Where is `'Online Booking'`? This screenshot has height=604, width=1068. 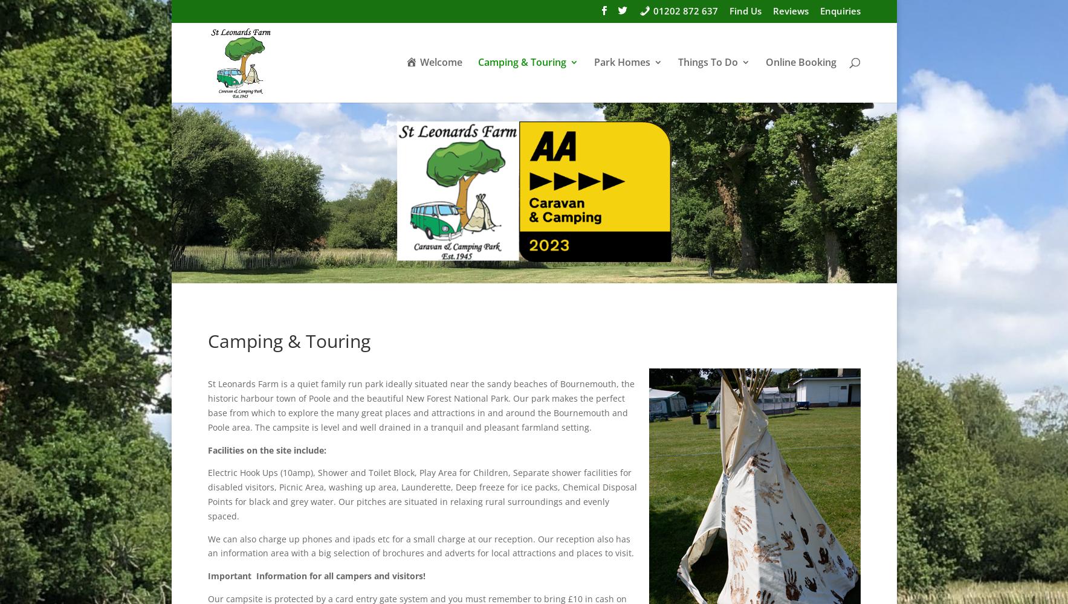
'Online Booking' is located at coordinates (800, 62).